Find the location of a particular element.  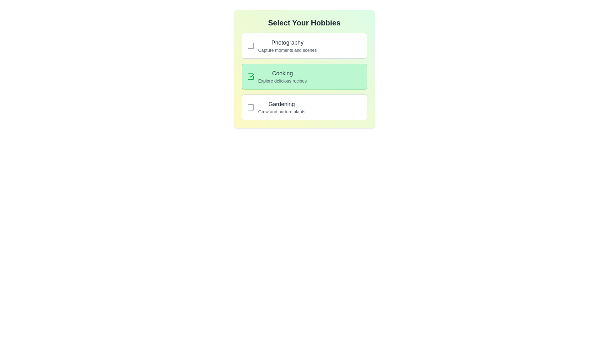

the checkmark box of the 'Cooking' hobby selectable list item is located at coordinates (304, 76).